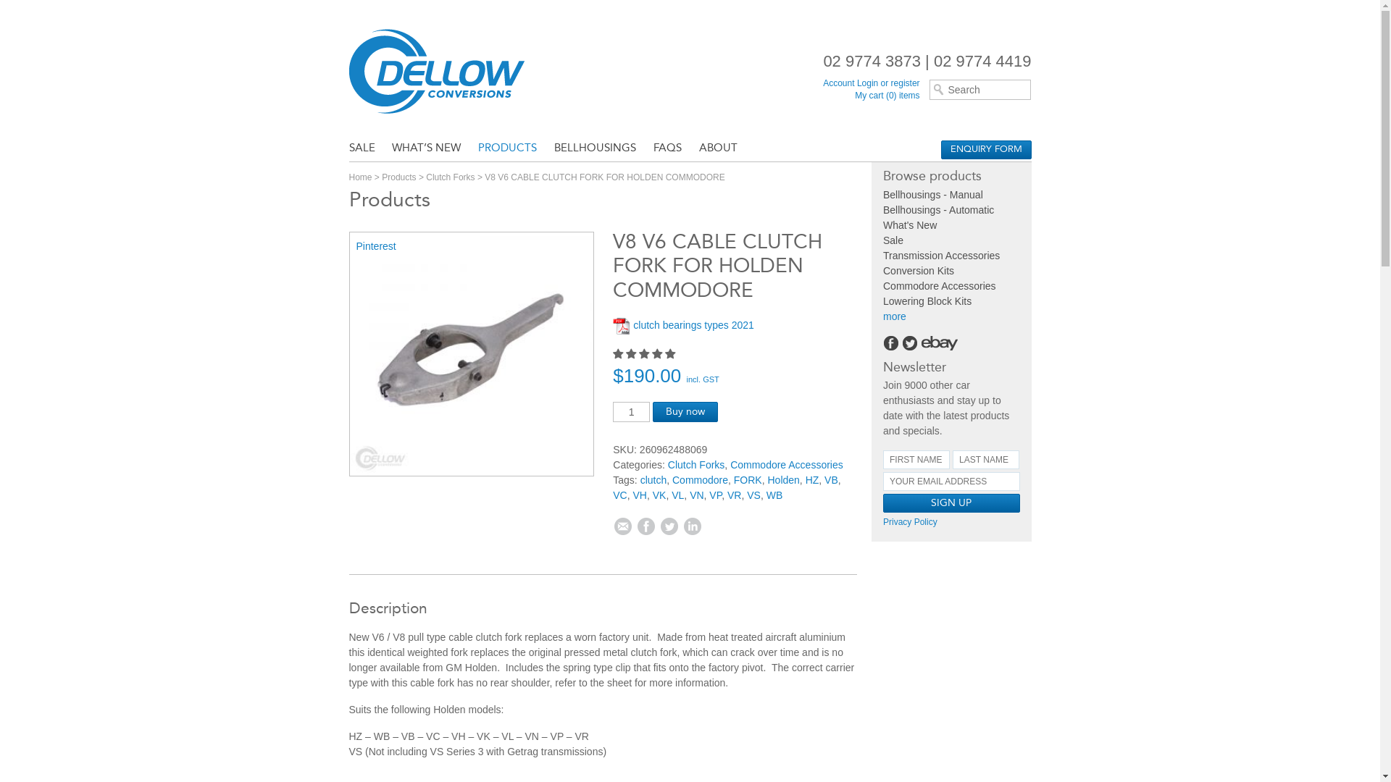 This screenshot has height=782, width=1391. What do you see at coordinates (893, 315) in the screenshot?
I see `'more'` at bounding box center [893, 315].